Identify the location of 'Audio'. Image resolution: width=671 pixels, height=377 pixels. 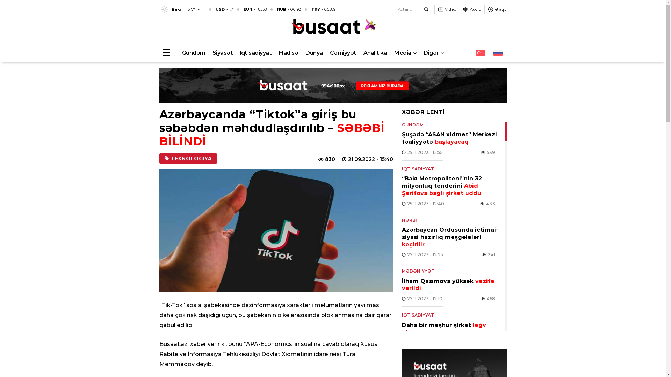
(472, 9).